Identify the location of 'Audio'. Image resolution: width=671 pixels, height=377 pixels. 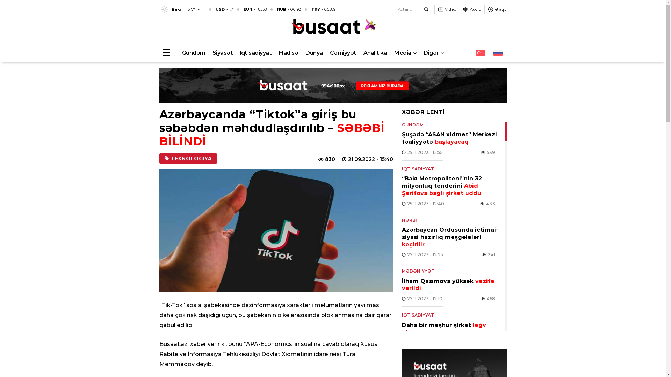
(472, 9).